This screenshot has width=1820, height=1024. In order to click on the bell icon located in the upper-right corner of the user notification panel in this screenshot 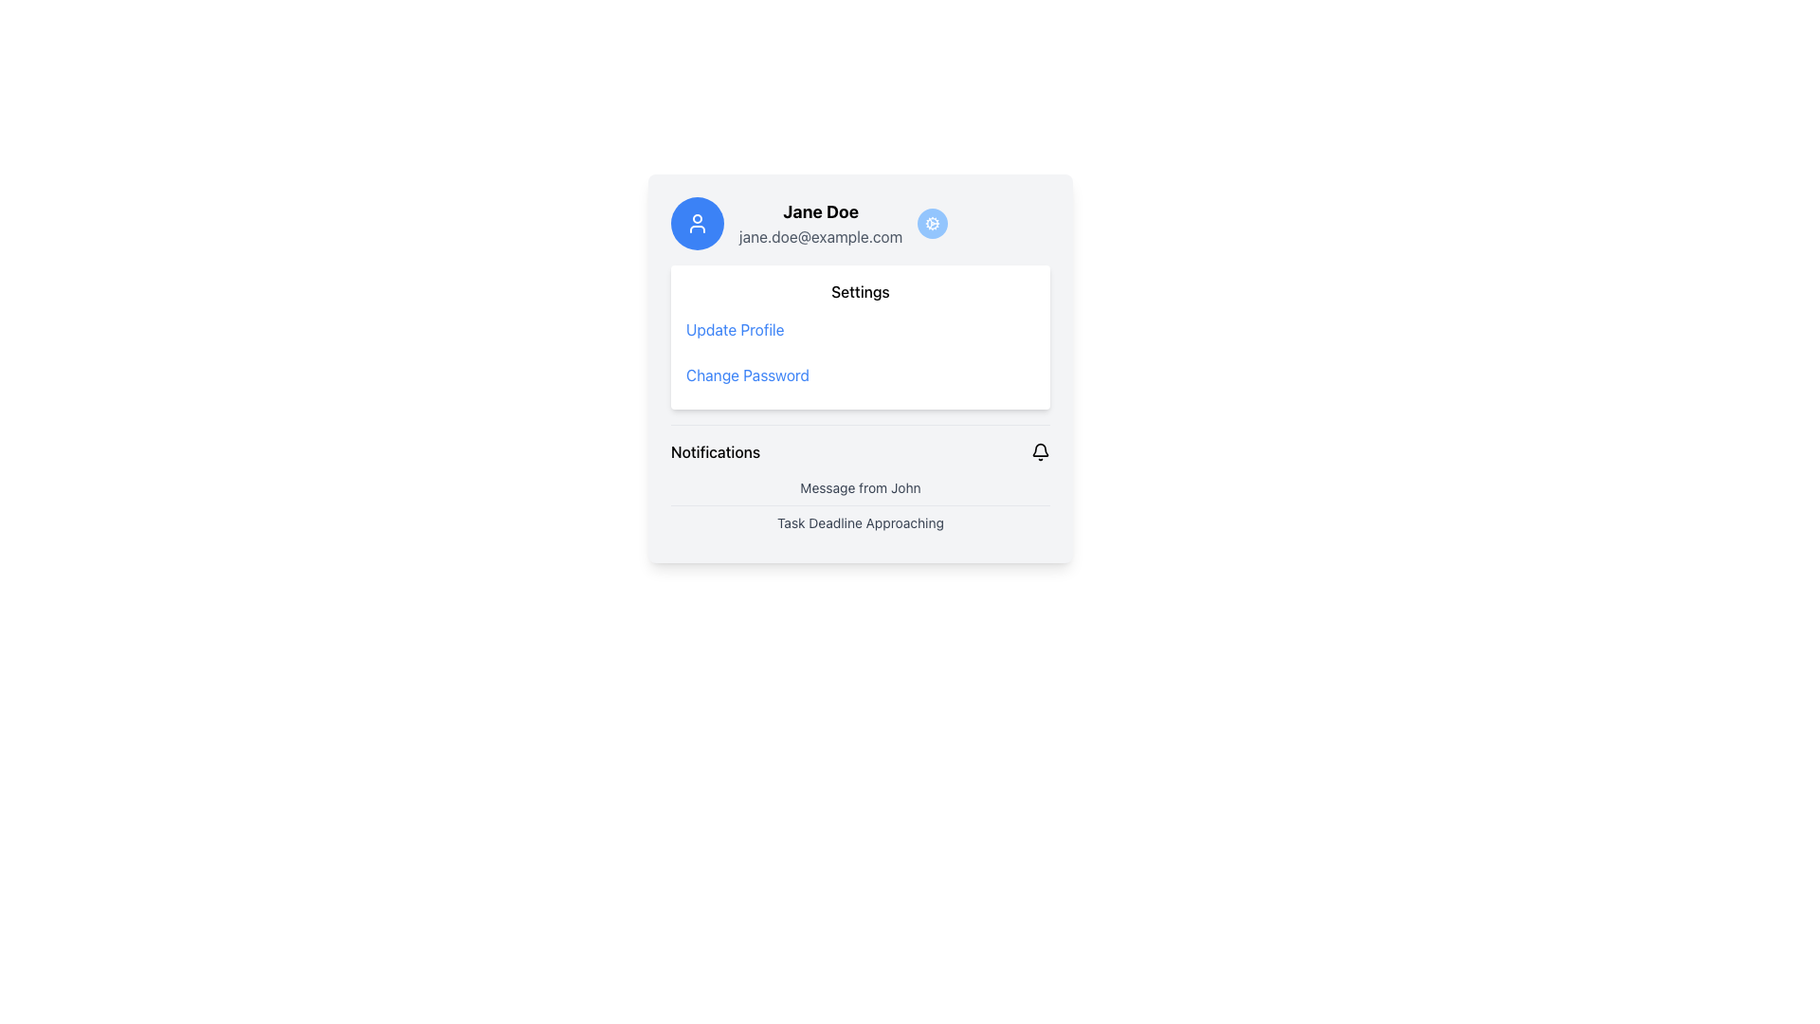, I will do `click(1040, 452)`.